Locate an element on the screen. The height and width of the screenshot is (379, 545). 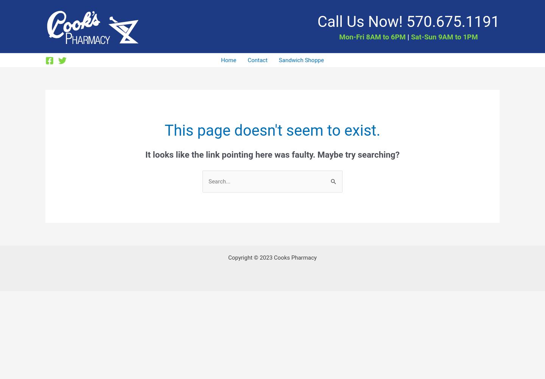
'Home' is located at coordinates (221, 60).